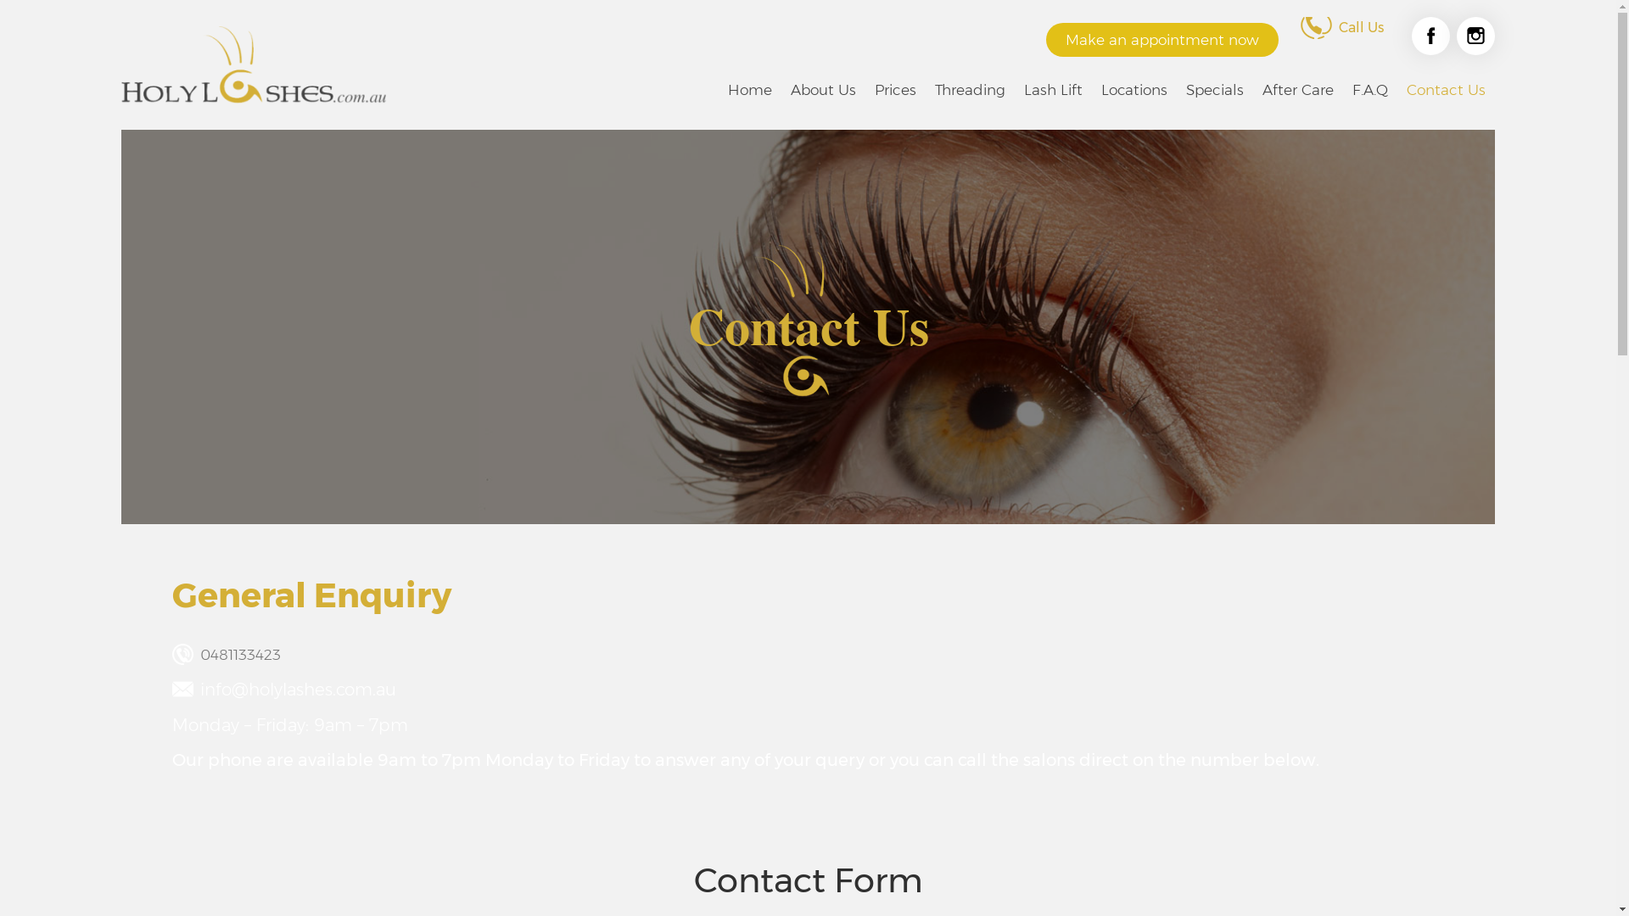  What do you see at coordinates (823, 89) in the screenshot?
I see `'About Us'` at bounding box center [823, 89].